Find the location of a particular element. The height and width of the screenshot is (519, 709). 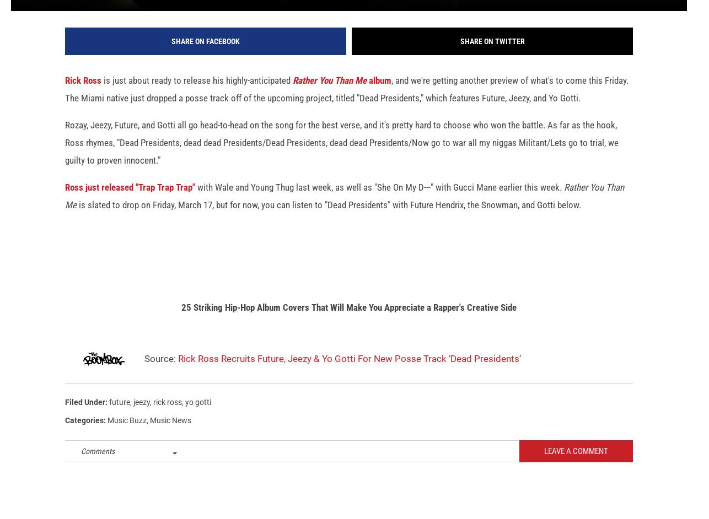

'Categories' is located at coordinates (65, 435).